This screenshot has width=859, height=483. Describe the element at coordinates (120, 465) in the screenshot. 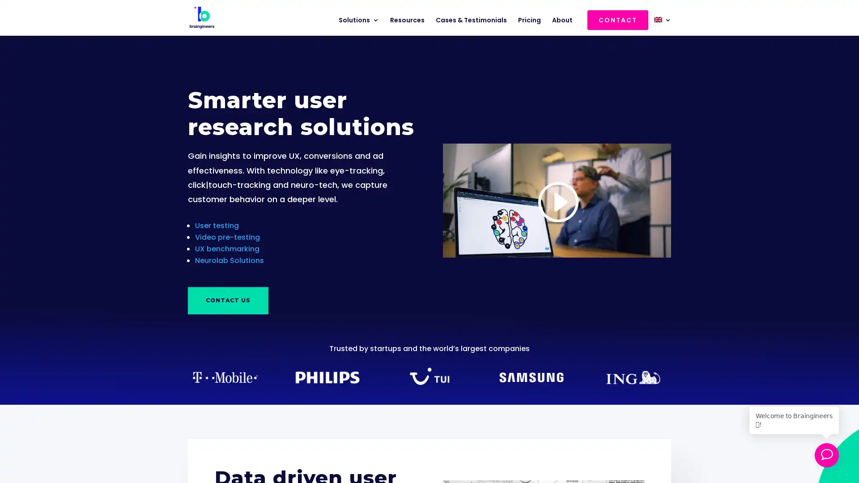

I see `Download 5` at that location.